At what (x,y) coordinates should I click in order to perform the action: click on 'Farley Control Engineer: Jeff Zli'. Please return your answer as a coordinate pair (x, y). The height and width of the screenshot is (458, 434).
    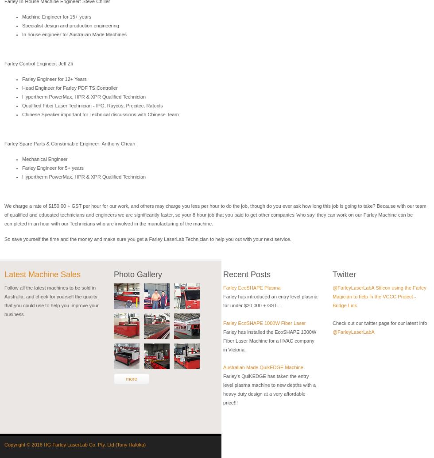
    Looking at the image, I should click on (39, 64).